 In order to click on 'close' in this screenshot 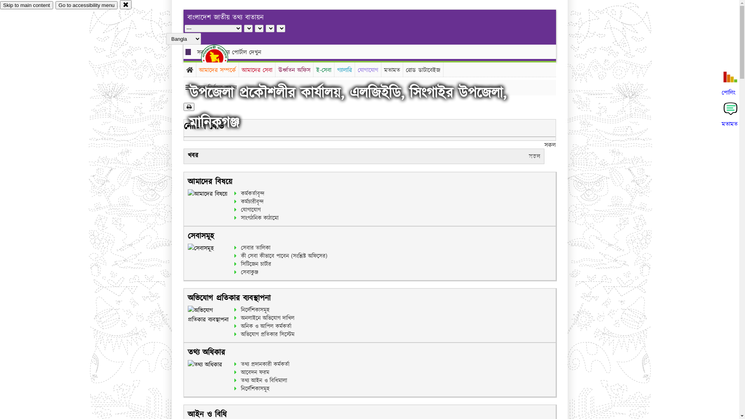, I will do `click(126, 4)`.